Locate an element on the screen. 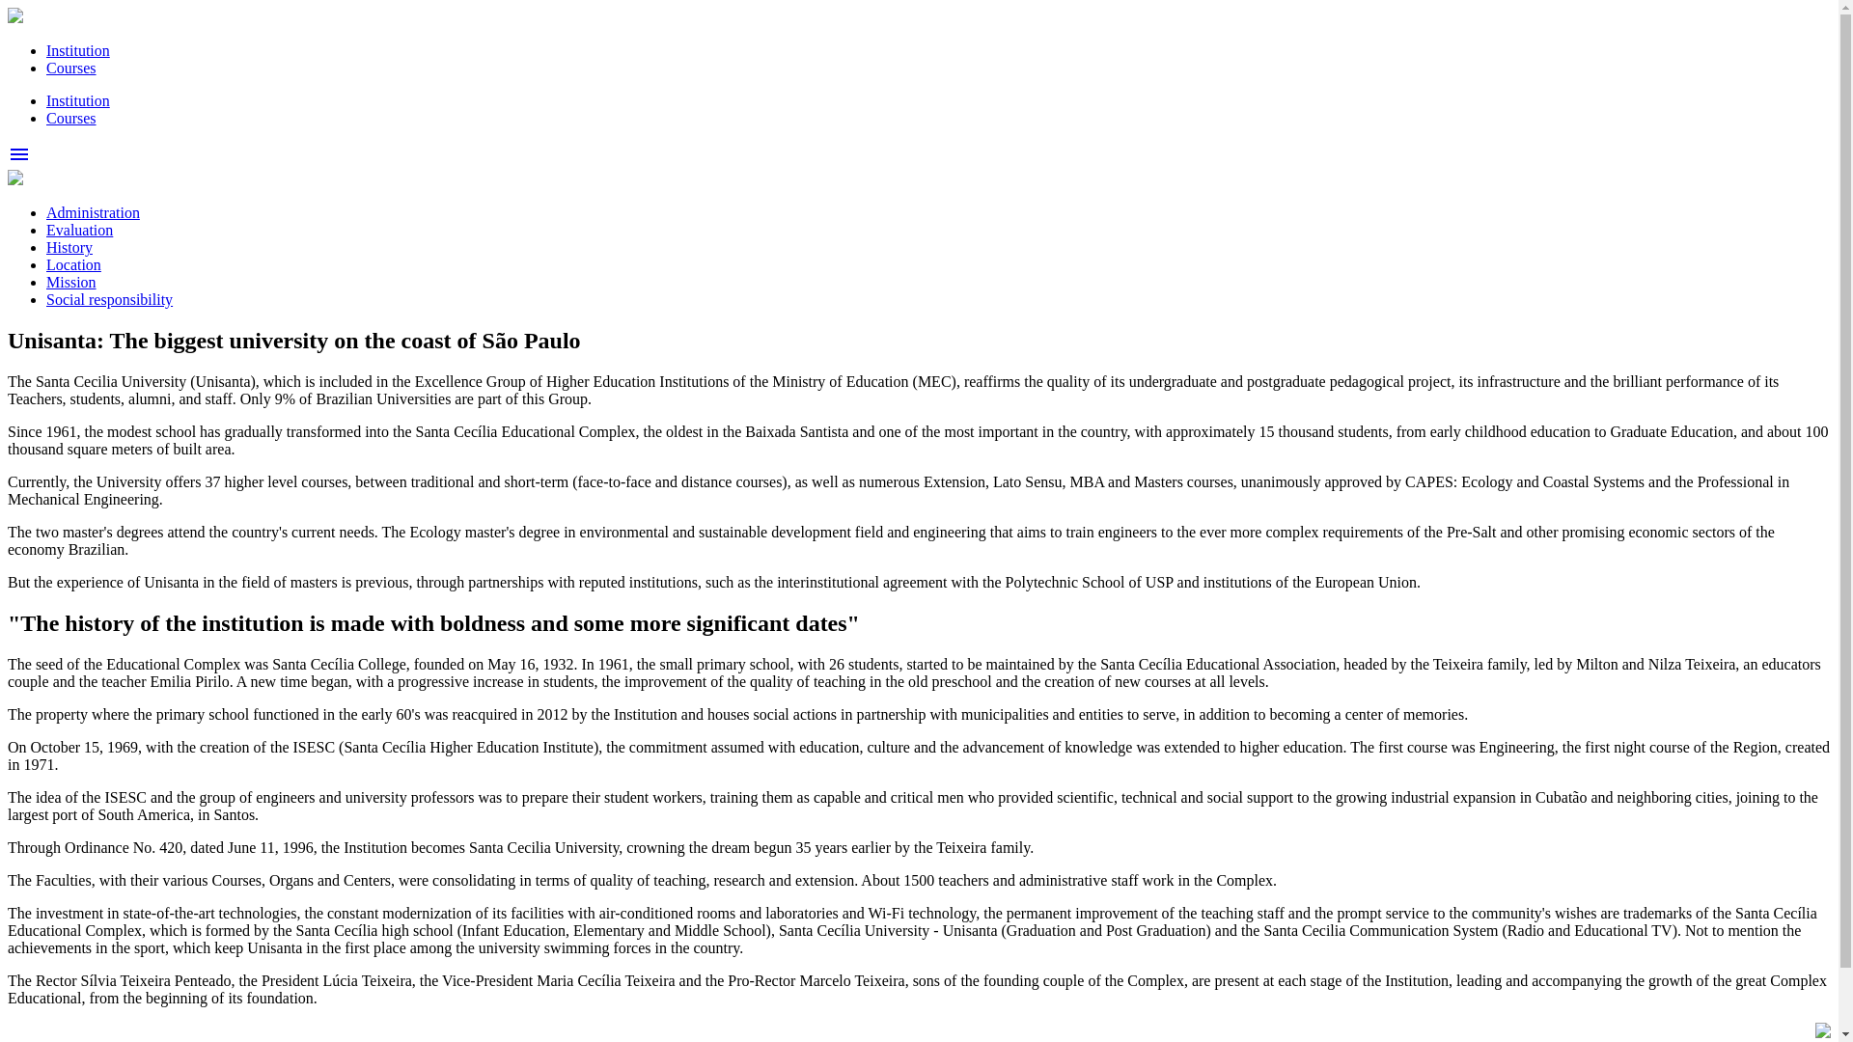 Image resolution: width=1853 pixels, height=1042 pixels. 'Social responsibility' is located at coordinates (108, 299).